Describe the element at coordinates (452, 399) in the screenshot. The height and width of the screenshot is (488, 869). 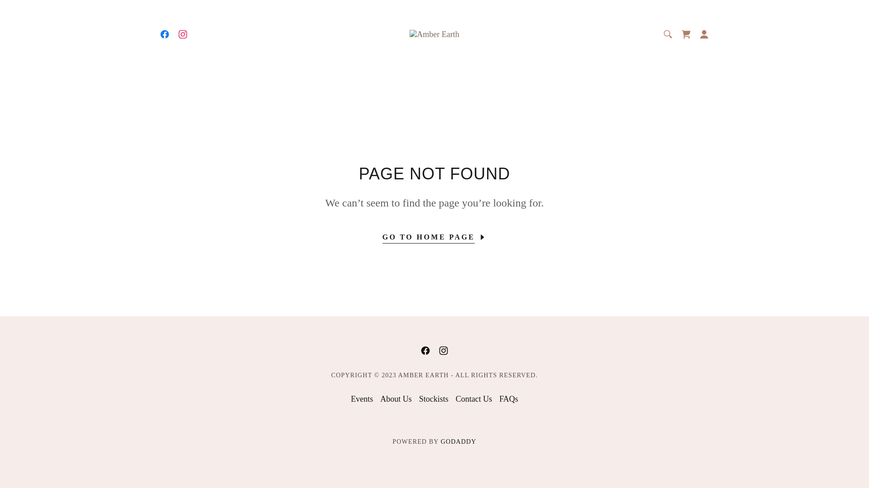
I see `'Contact Us'` at that location.